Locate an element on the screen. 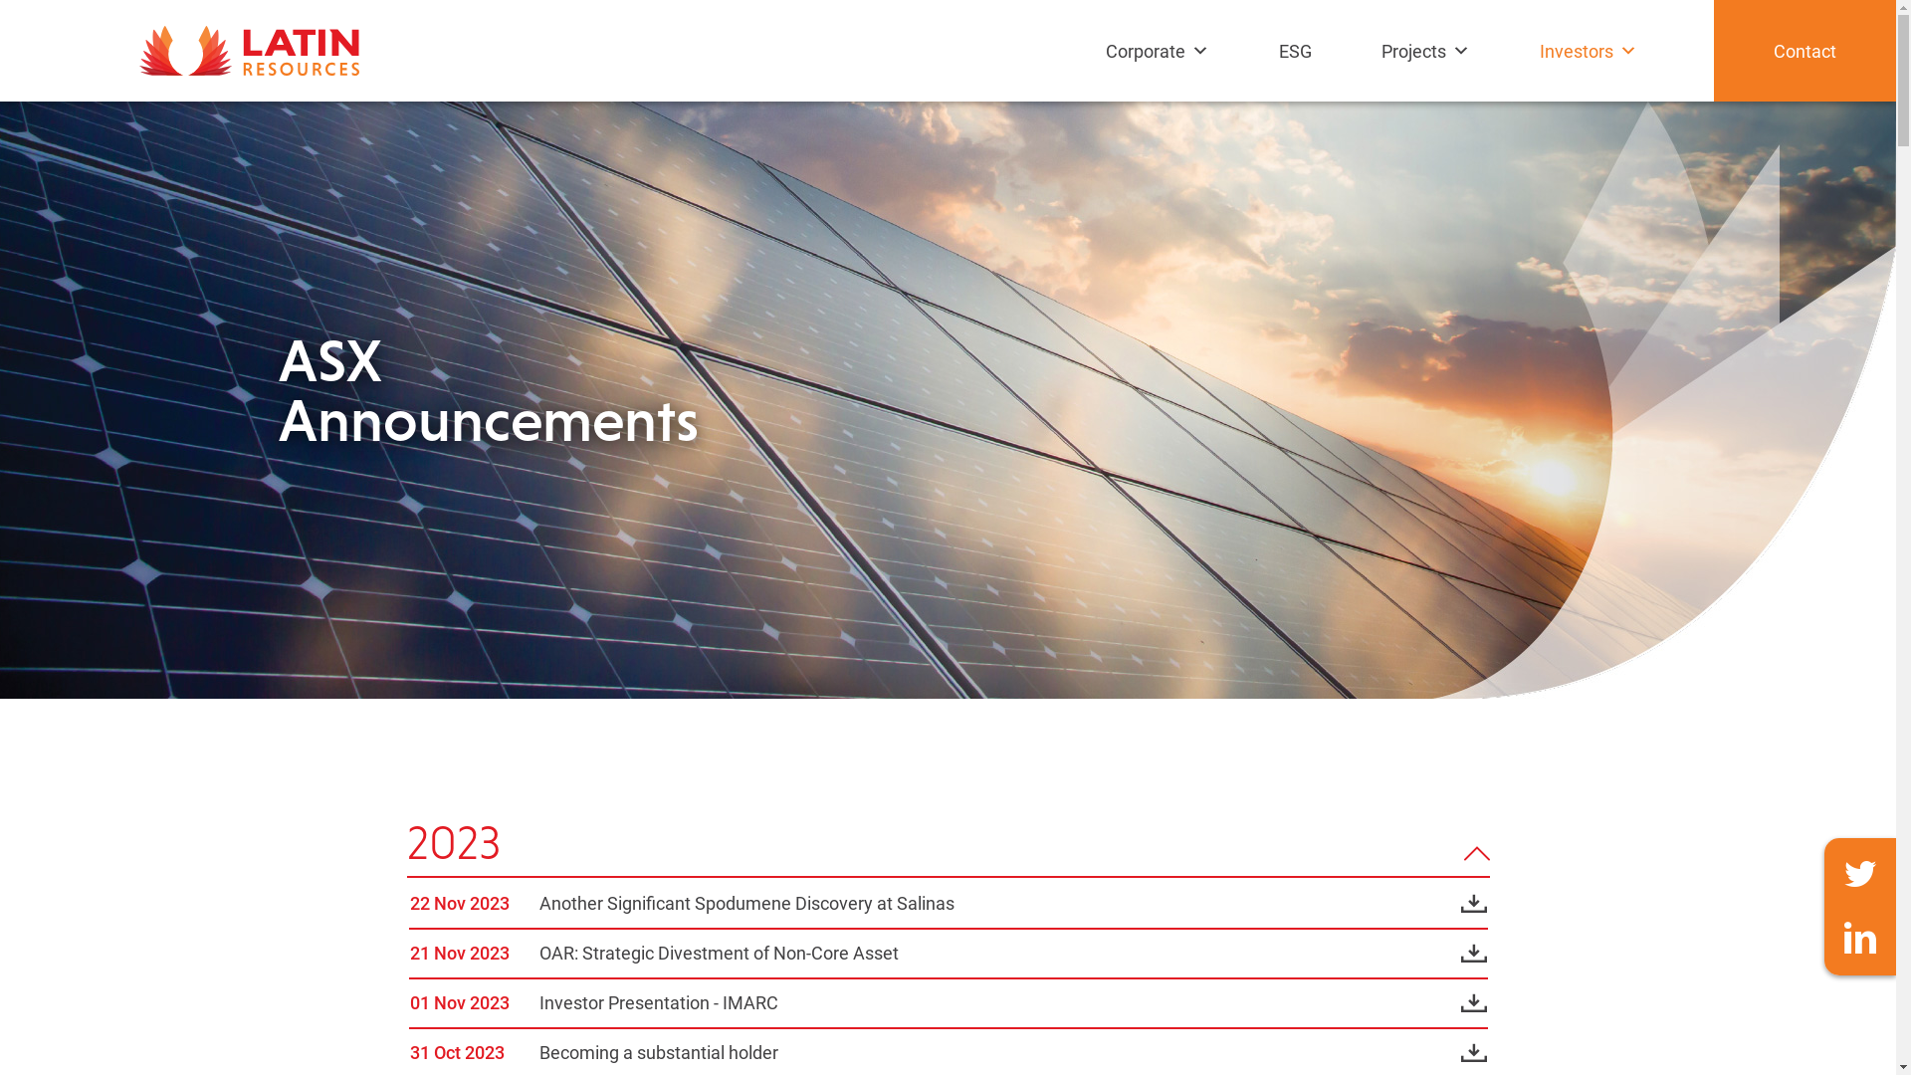 This screenshot has width=1911, height=1075. 'Investor Presentation - IMARC' is located at coordinates (539, 1002).